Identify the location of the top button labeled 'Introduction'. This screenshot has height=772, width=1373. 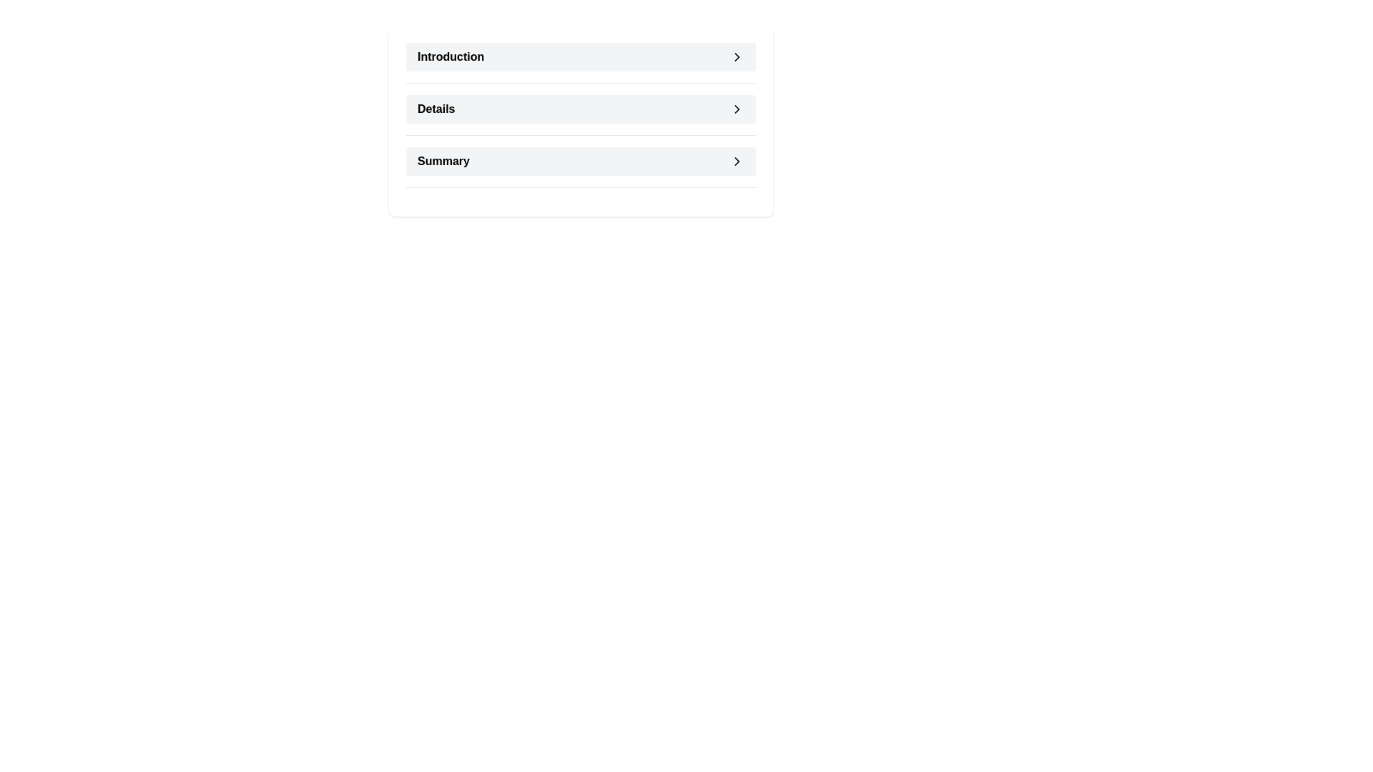
(581, 56).